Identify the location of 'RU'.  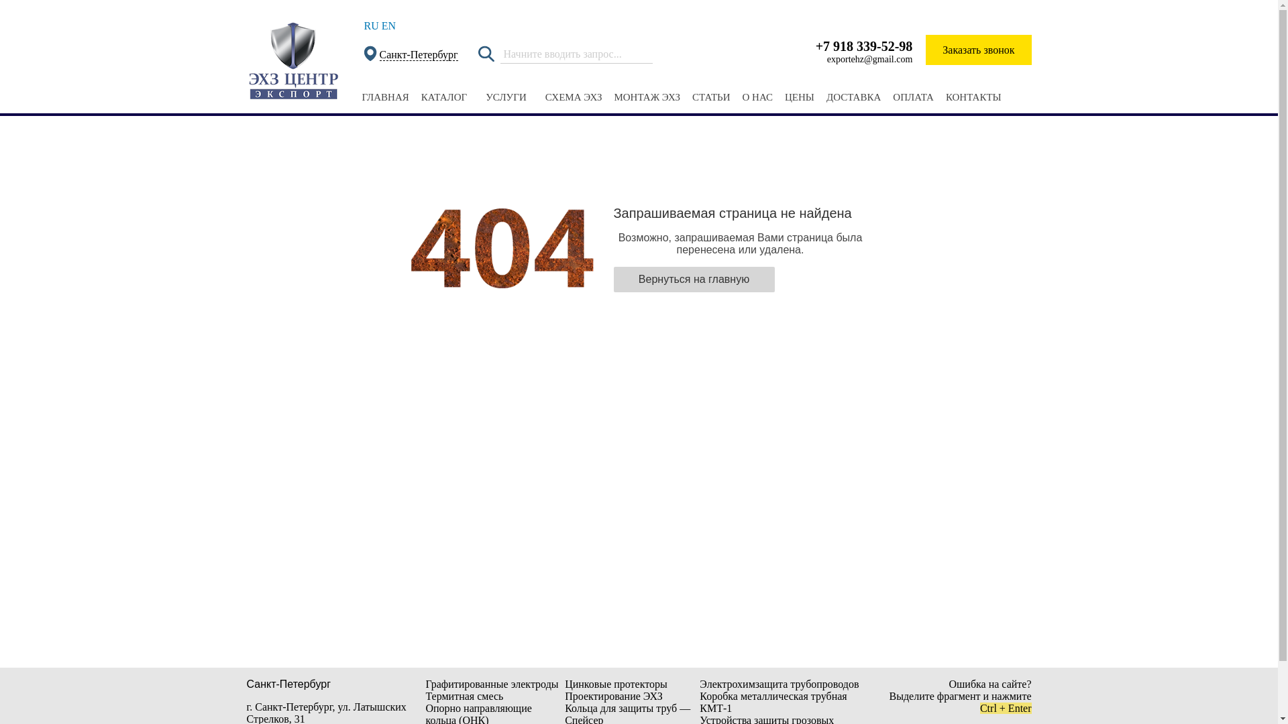
(364, 25).